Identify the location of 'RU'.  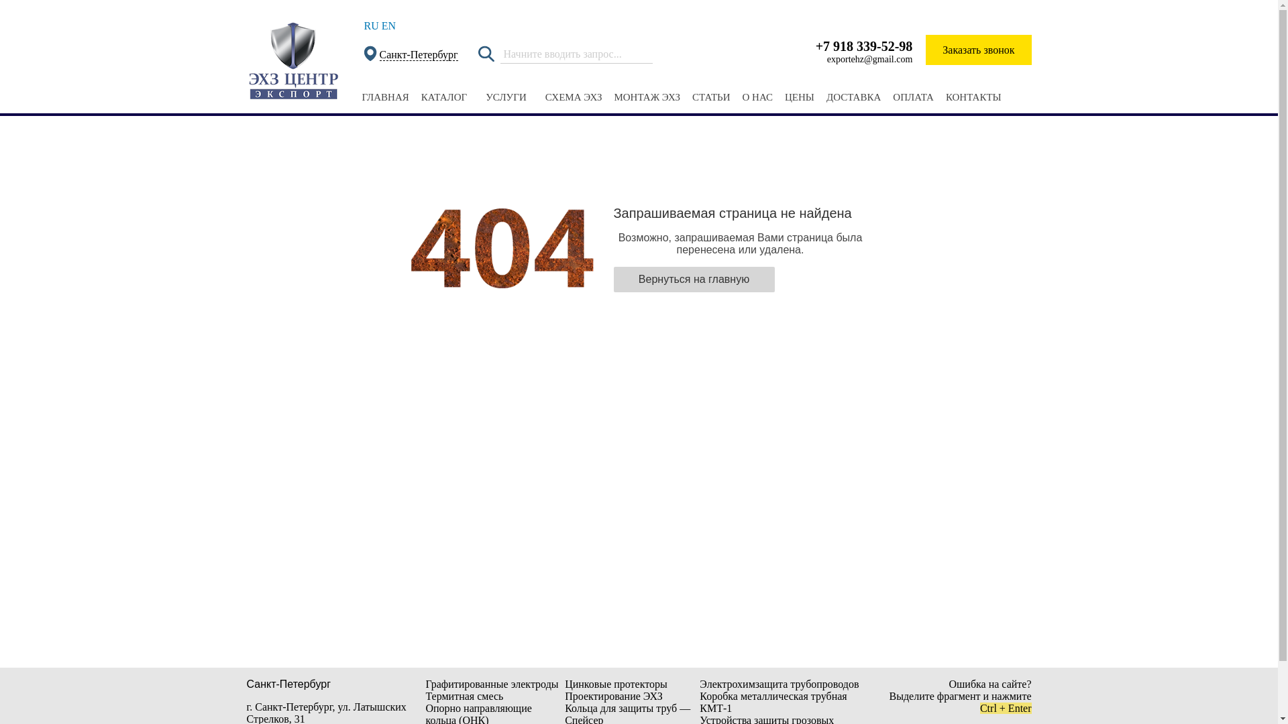
(364, 25).